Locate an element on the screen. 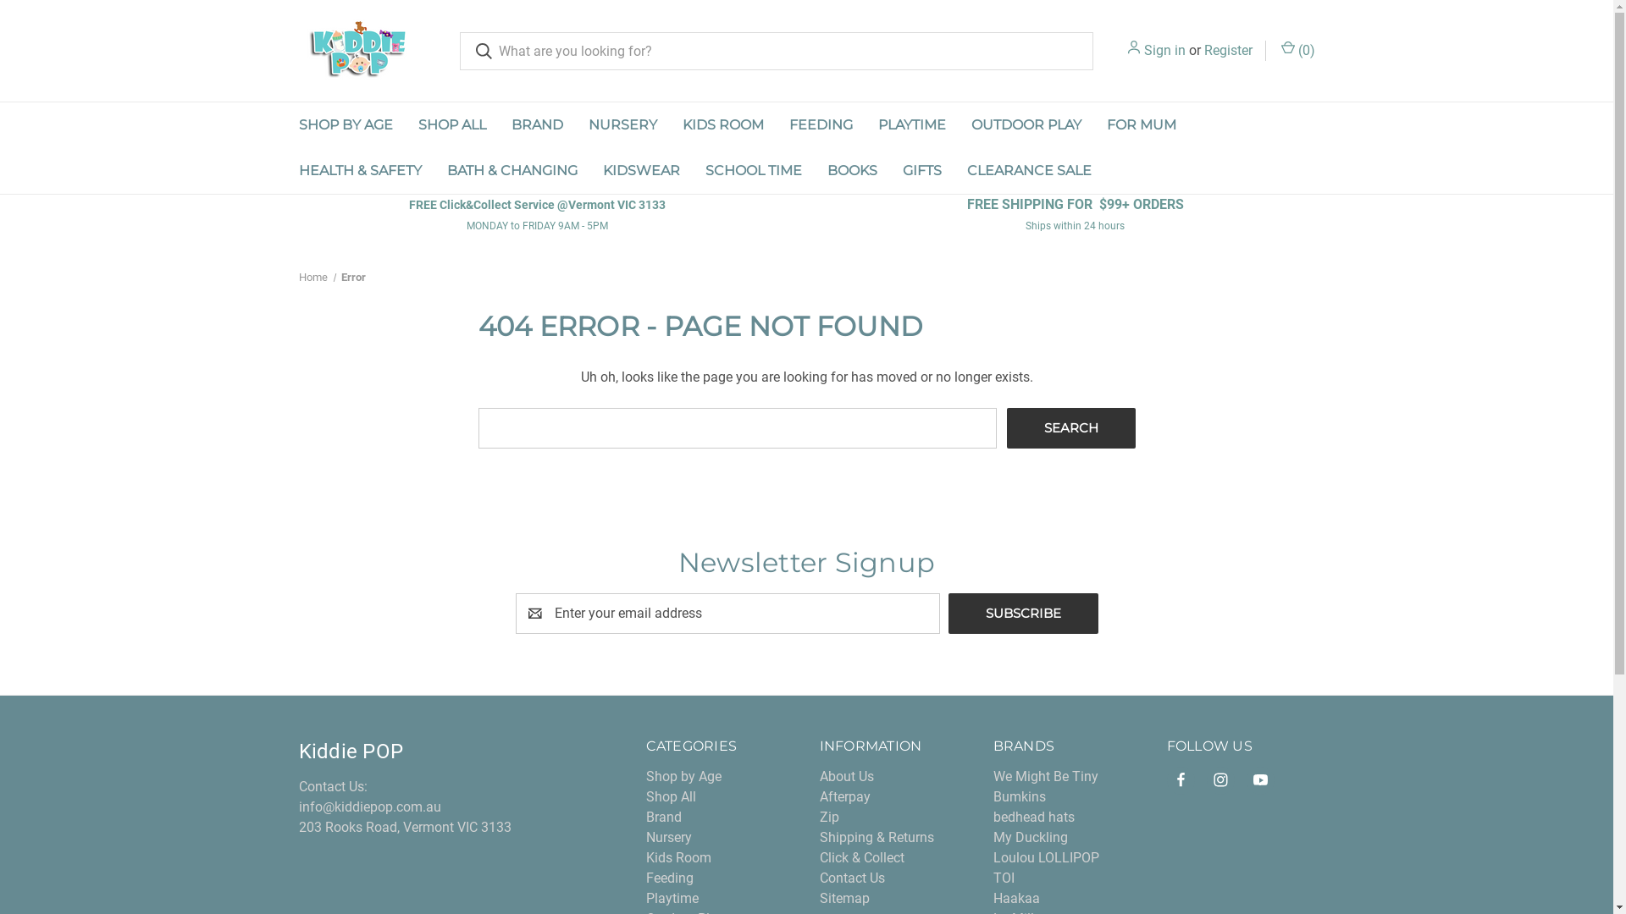 This screenshot has height=914, width=1626. 'Zip' is located at coordinates (829, 816).